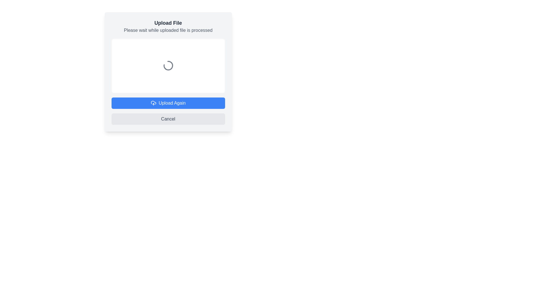 Image resolution: width=545 pixels, height=307 pixels. I want to click on the Loading Spinner, which is a gray spinning circle located within a white rectangular box, centered below the 'Upload File' title and instructional text, so click(168, 72).